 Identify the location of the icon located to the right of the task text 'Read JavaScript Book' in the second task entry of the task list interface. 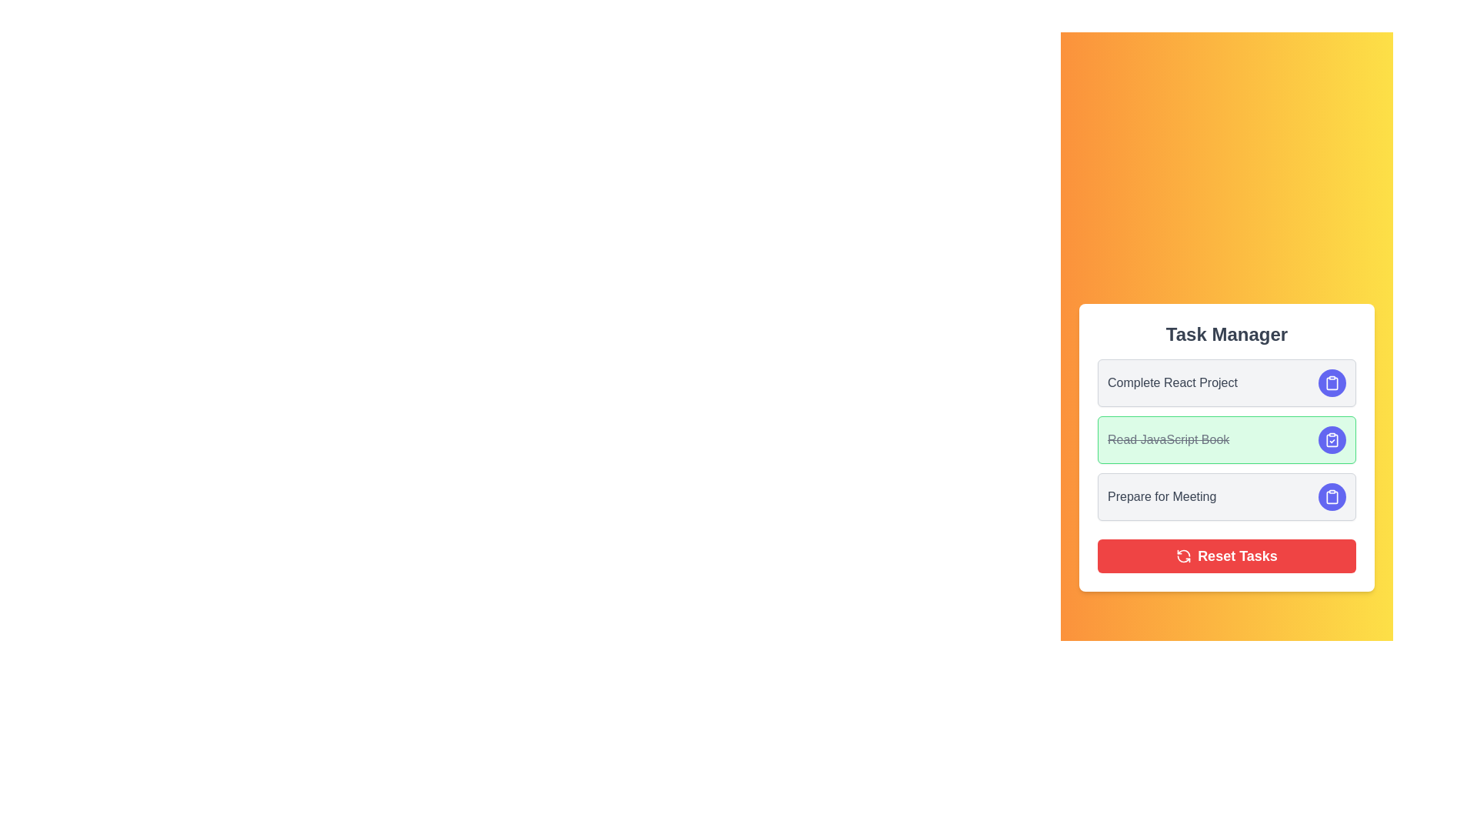
(1332, 439).